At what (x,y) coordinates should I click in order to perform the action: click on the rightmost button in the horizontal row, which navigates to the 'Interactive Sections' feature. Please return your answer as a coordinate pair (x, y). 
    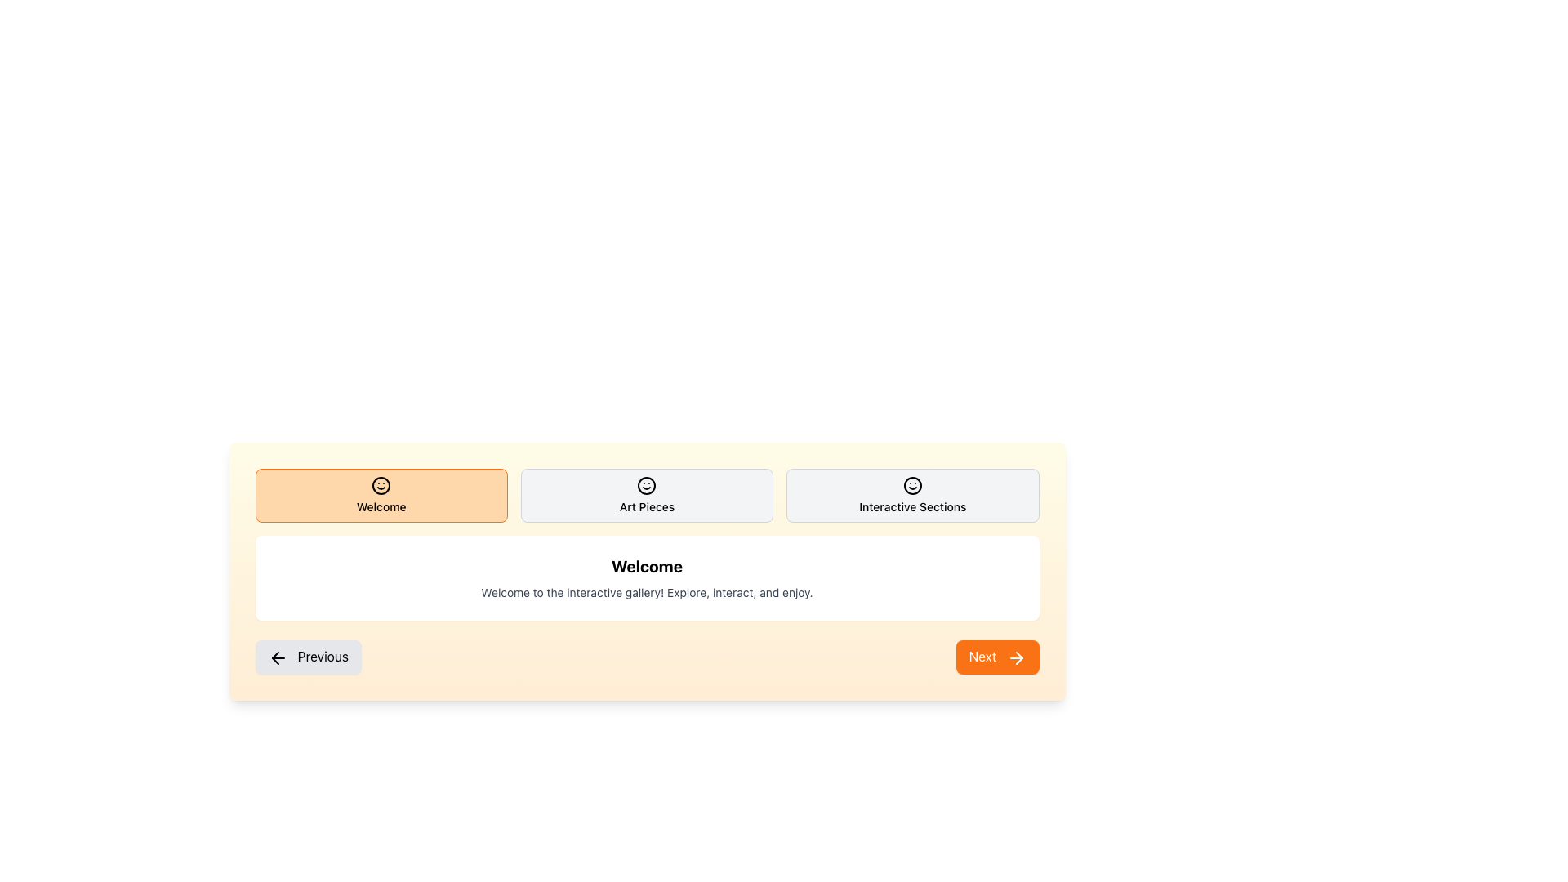
    Looking at the image, I should click on (911, 494).